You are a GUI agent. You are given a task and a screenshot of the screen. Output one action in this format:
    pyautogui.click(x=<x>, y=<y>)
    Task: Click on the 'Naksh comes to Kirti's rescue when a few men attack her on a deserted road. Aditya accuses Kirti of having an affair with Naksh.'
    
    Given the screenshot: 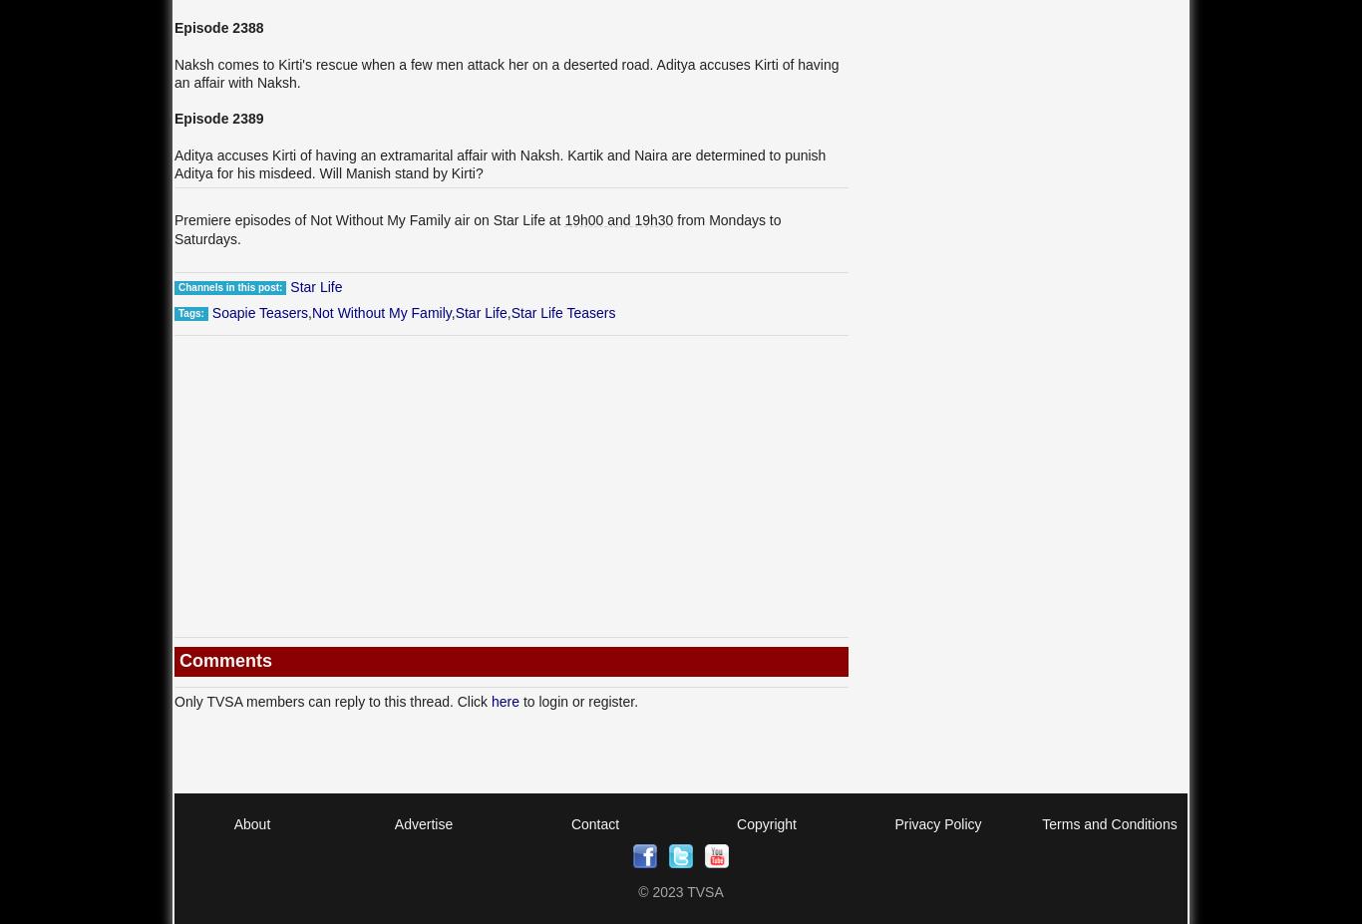 What is the action you would take?
    pyautogui.click(x=507, y=71)
    